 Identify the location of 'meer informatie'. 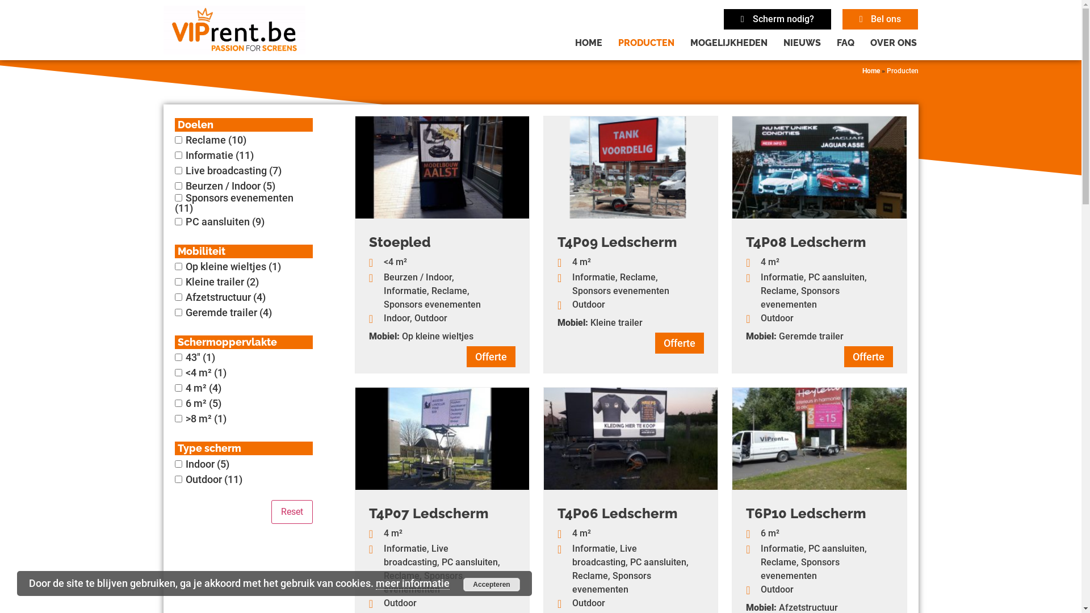
(412, 583).